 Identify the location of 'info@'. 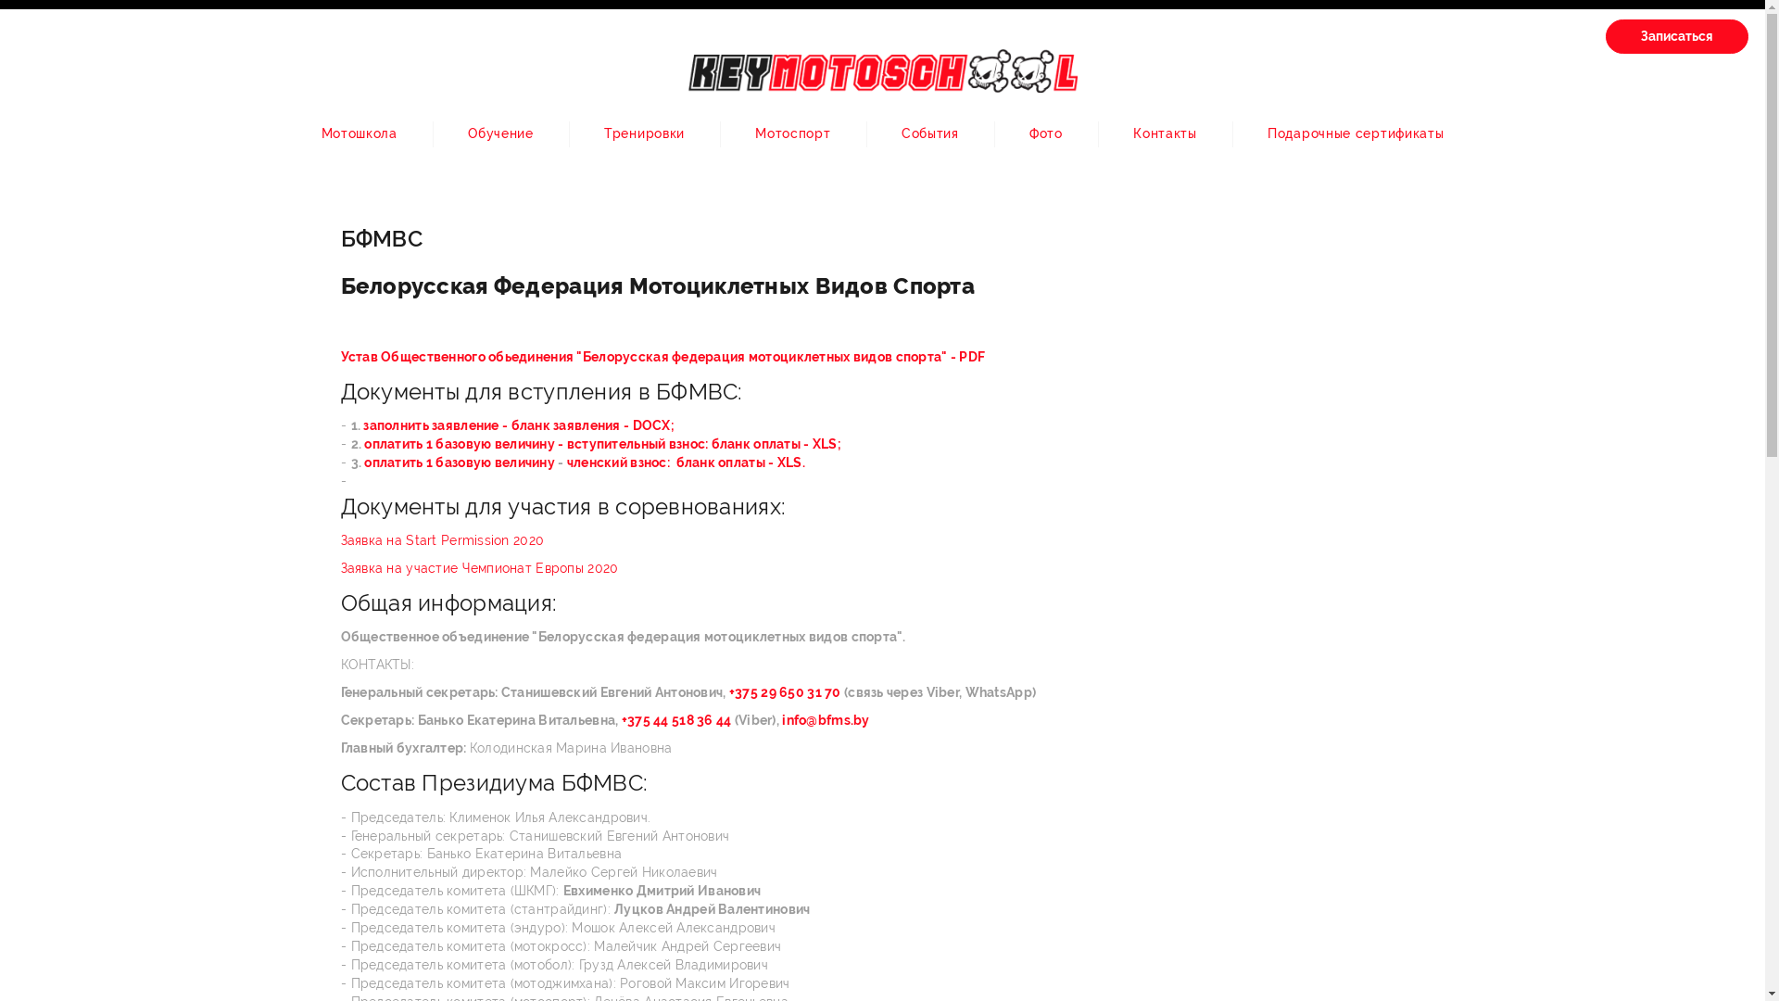
(800, 718).